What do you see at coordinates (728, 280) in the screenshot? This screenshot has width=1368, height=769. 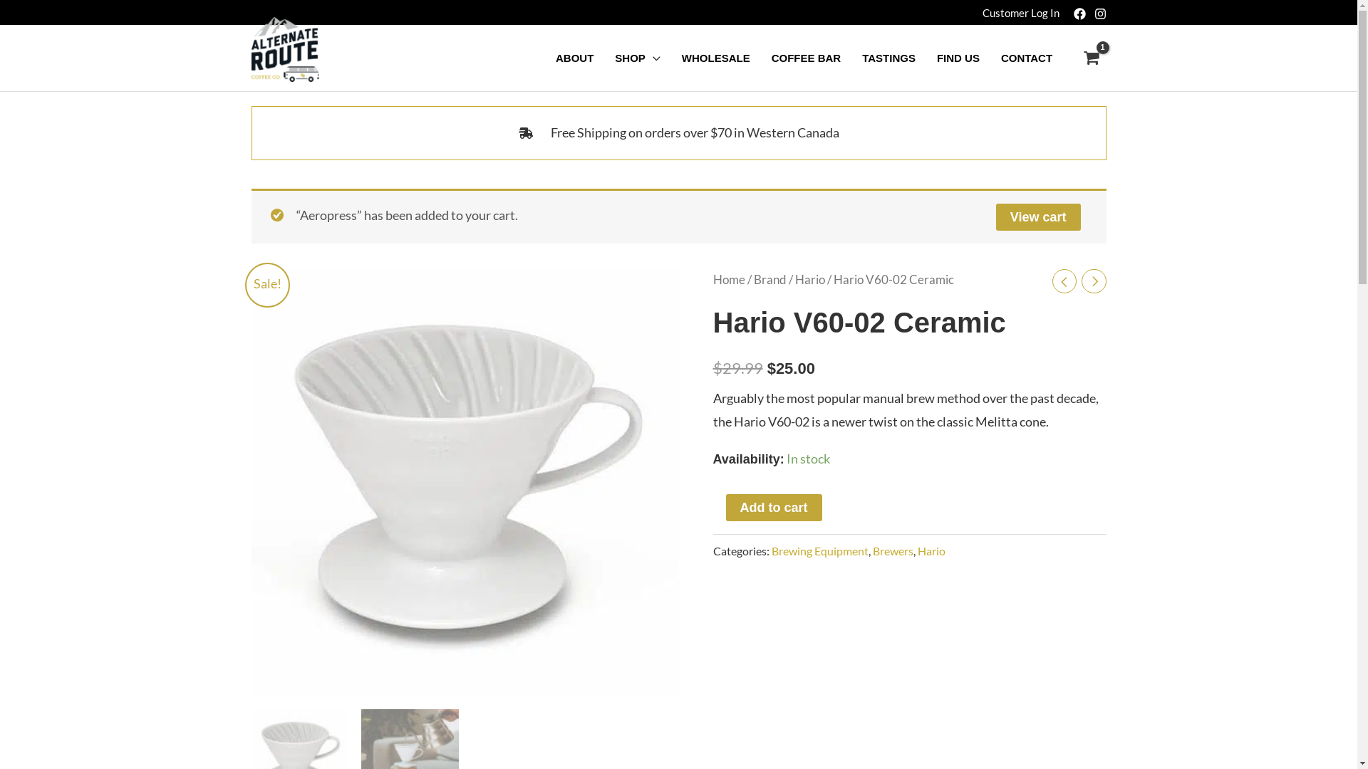 I see `'Home'` at bounding box center [728, 280].